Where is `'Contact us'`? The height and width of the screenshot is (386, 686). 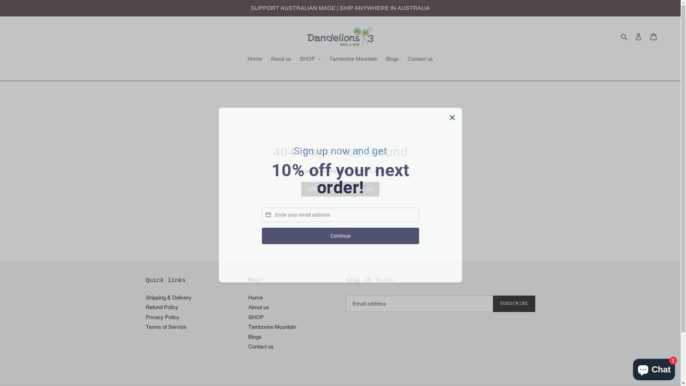 'Contact us' is located at coordinates (260, 346).